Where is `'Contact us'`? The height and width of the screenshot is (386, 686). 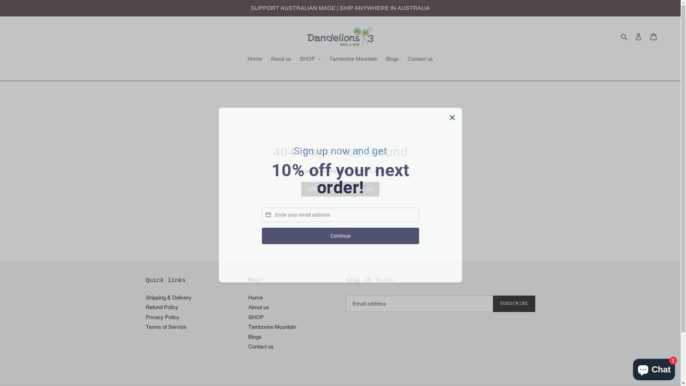 'Contact us' is located at coordinates (260, 346).